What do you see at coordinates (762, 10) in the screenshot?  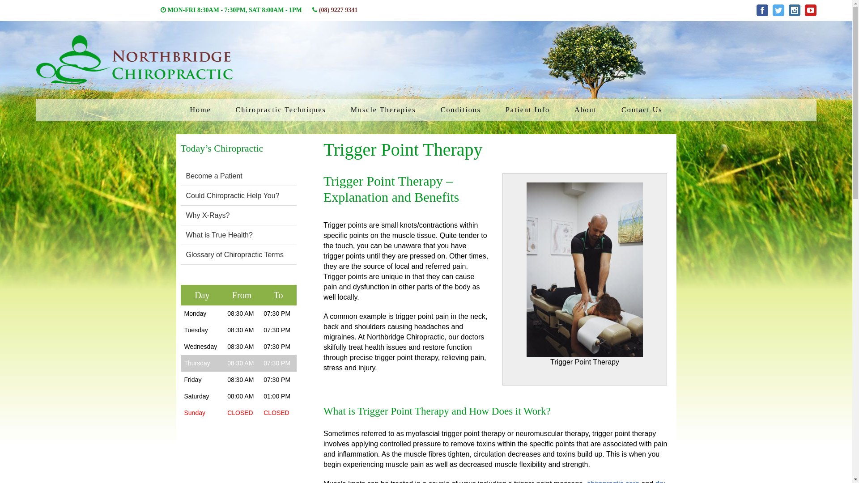 I see `'Facebook'` at bounding box center [762, 10].